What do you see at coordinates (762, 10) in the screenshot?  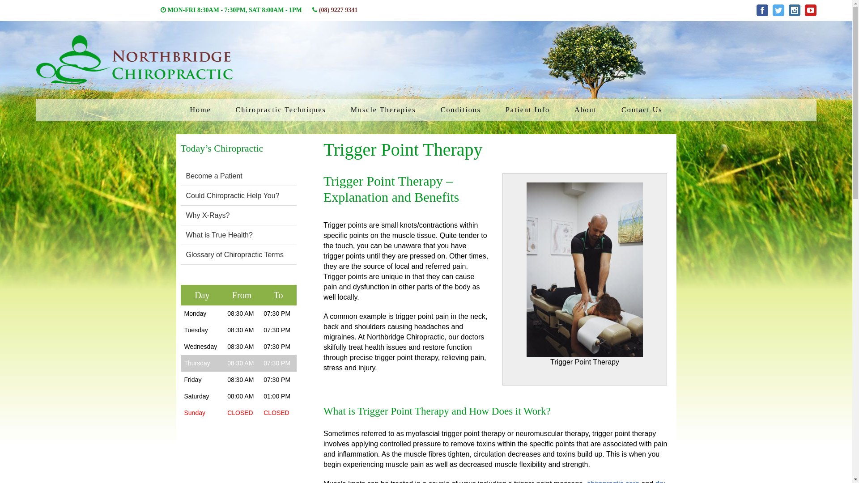 I see `'Facebook'` at bounding box center [762, 10].